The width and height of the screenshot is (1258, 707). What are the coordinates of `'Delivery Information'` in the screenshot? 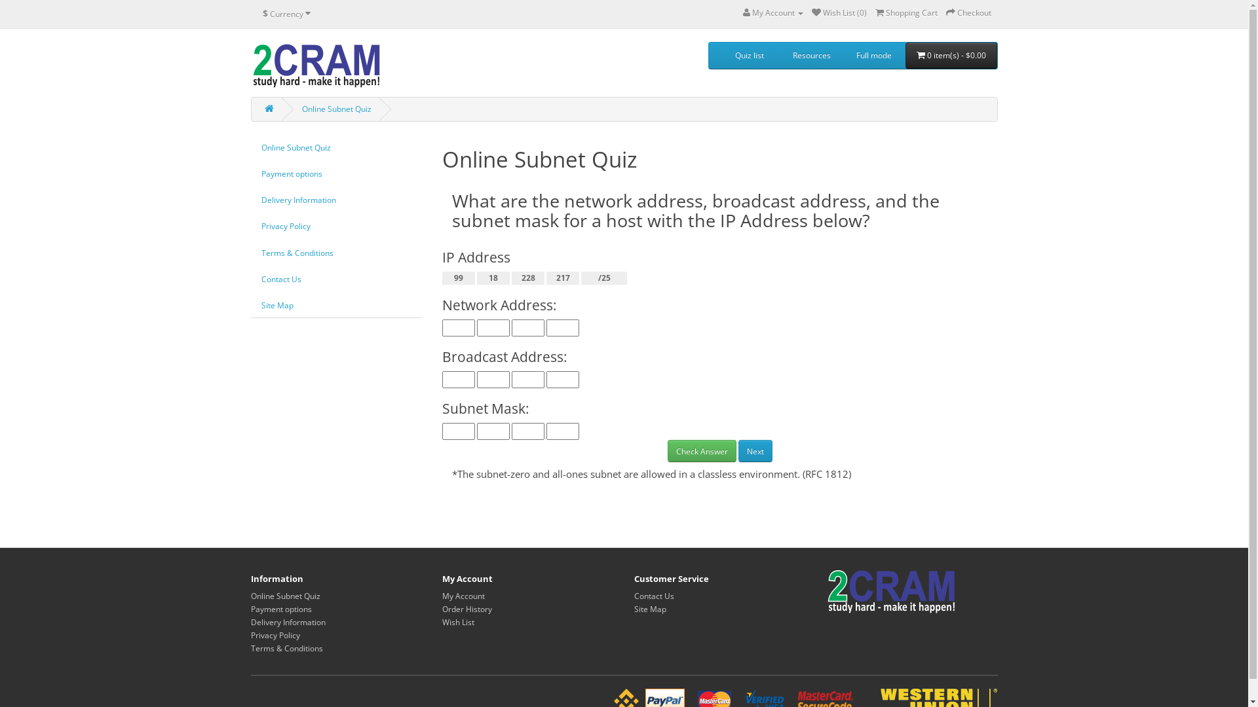 It's located at (250, 200).